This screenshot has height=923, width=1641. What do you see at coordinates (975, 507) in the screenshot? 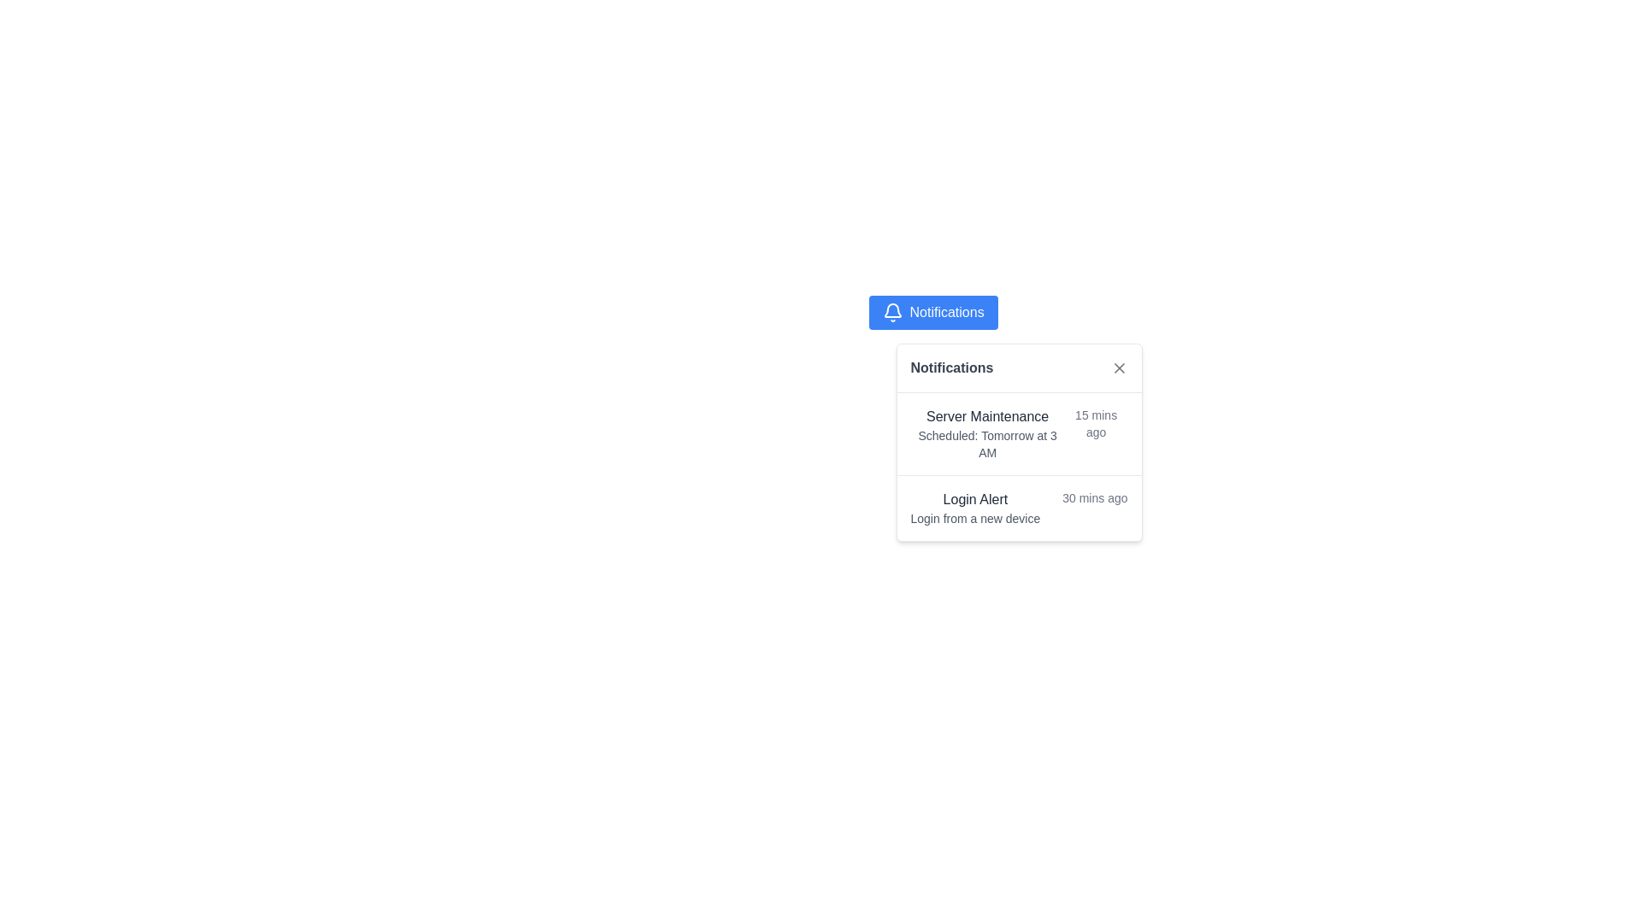
I see `information displayed in the 'Login Alert' text component, which contains two lines: 'Login Alert' in bold and 'Login from a new device' in regular font` at bounding box center [975, 507].